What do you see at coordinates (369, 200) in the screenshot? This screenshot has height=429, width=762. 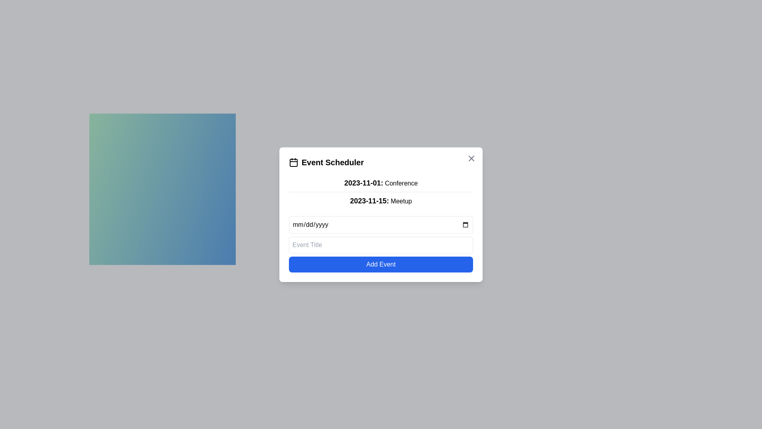 I see `the date label '2023-11-01' located in the schedule list` at bounding box center [369, 200].